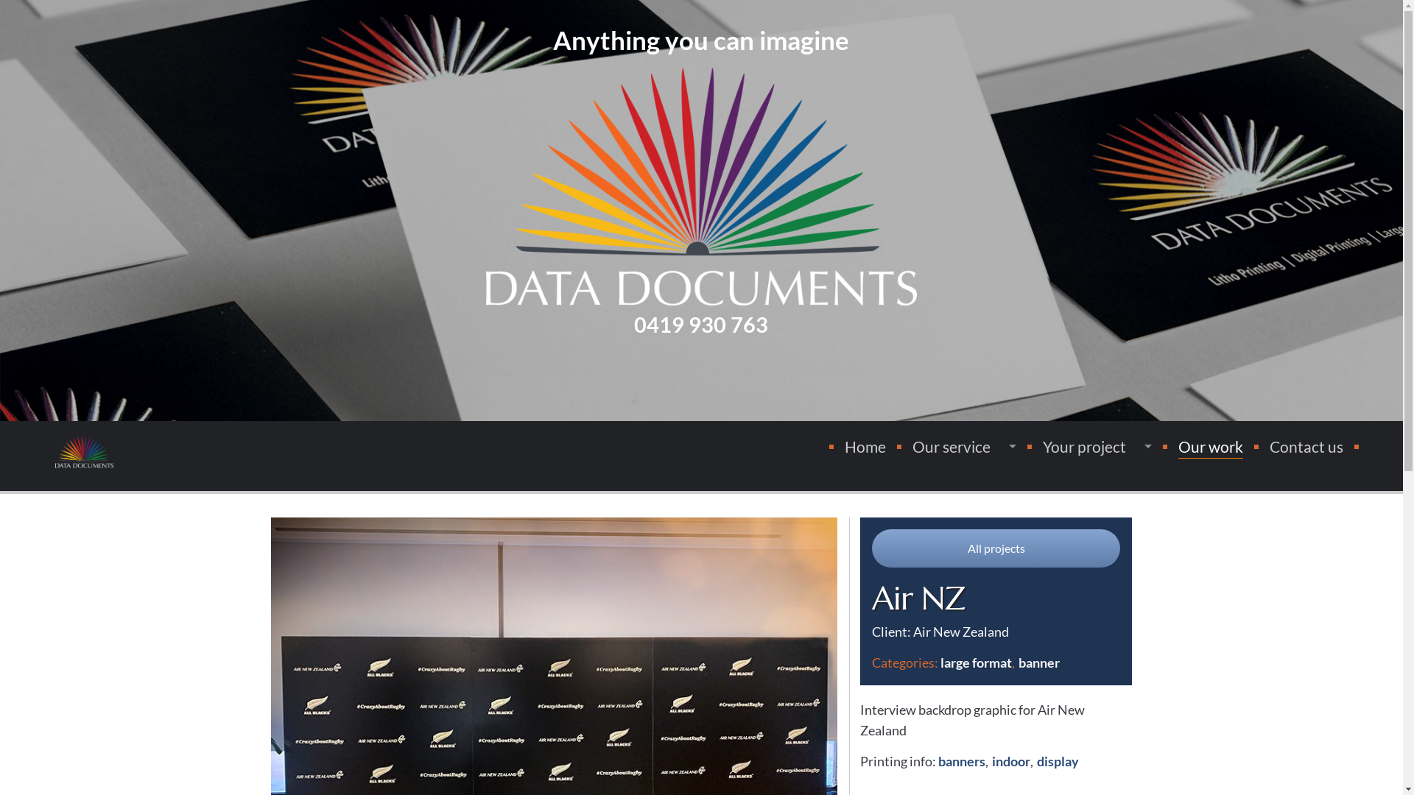 This screenshot has height=795, width=1414. Describe the element at coordinates (996, 548) in the screenshot. I see `'All projects'` at that location.